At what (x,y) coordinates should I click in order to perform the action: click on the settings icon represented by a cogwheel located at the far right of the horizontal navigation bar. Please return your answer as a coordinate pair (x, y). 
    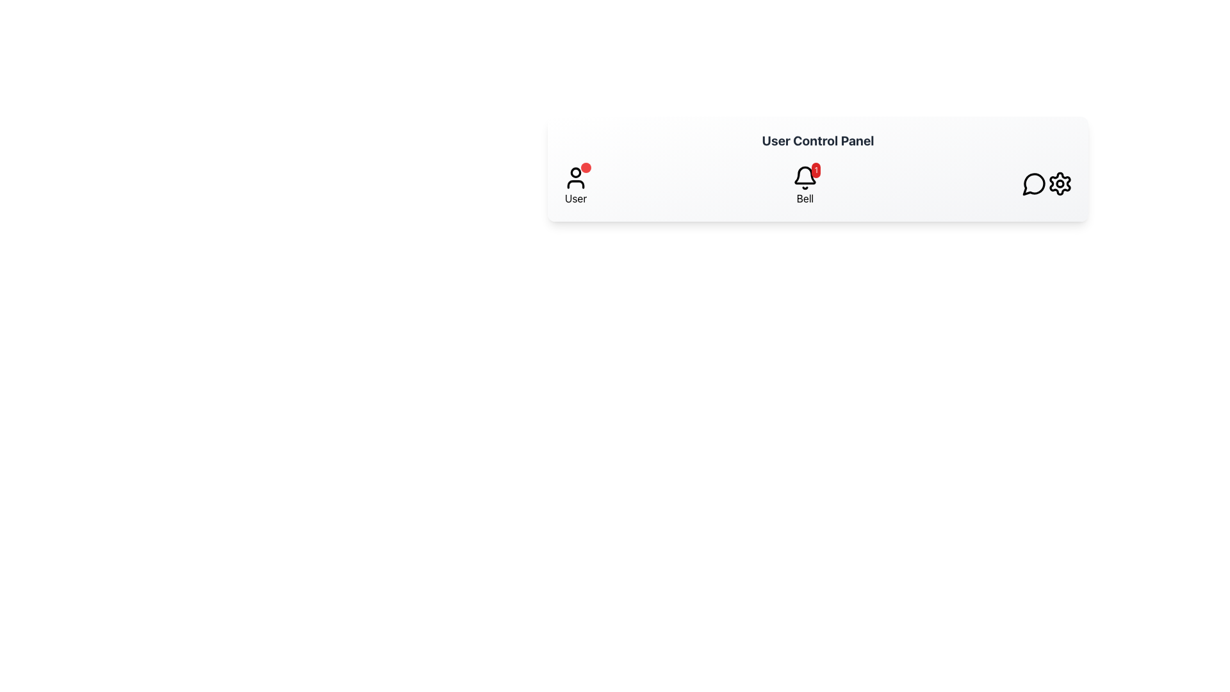
    Looking at the image, I should click on (1060, 183).